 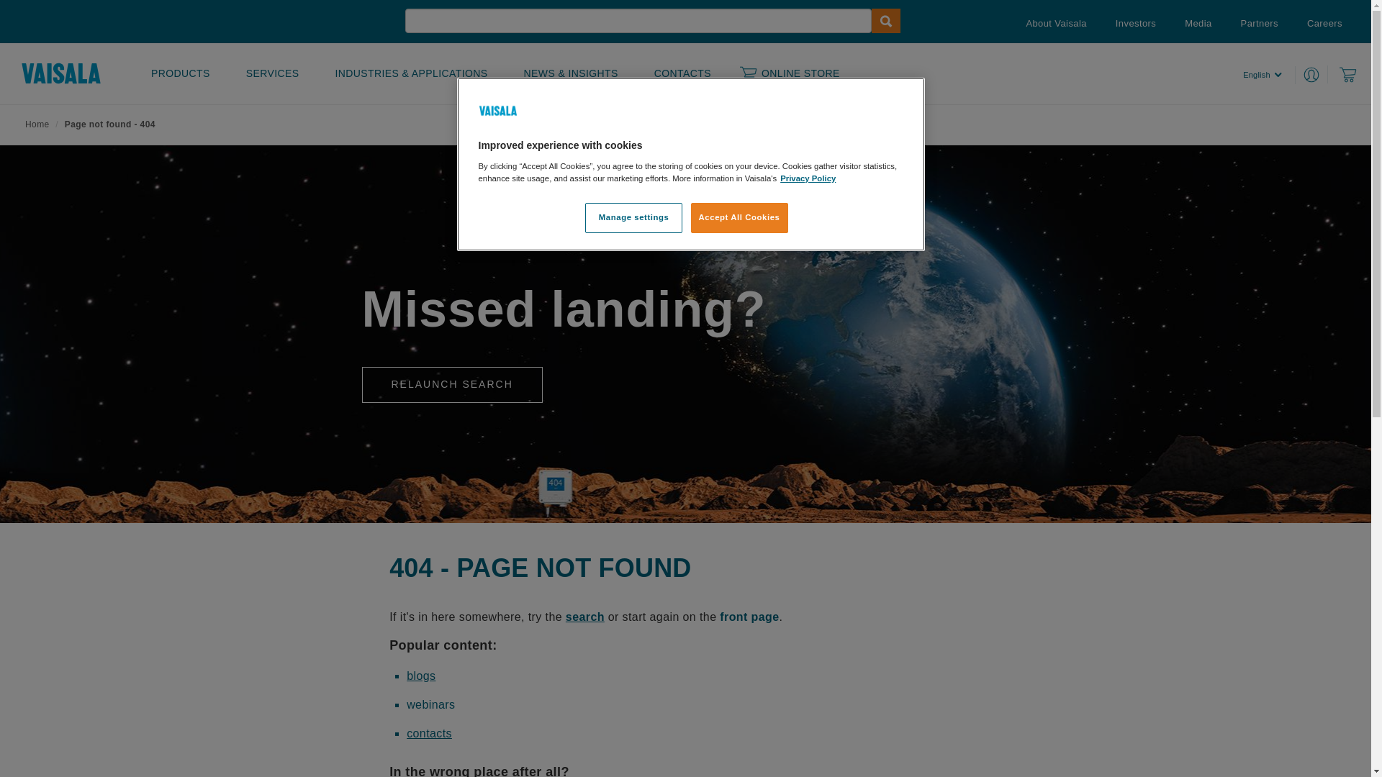 I want to click on 'Login to MyVaisala', so click(x=1315, y=74).